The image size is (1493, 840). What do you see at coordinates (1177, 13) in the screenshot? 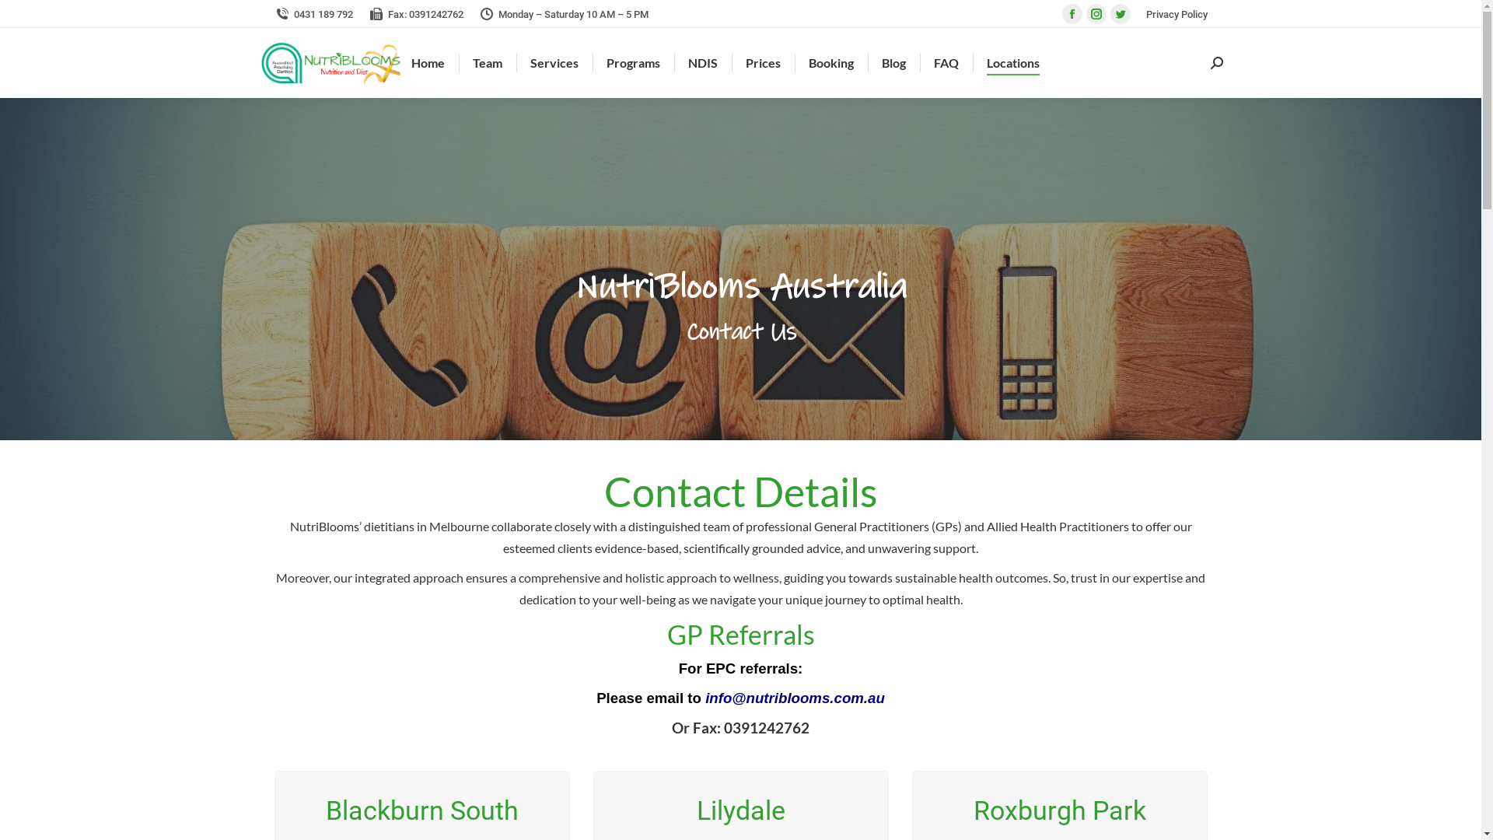
I see `'Privacy Policy'` at bounding box center [1177, 13].